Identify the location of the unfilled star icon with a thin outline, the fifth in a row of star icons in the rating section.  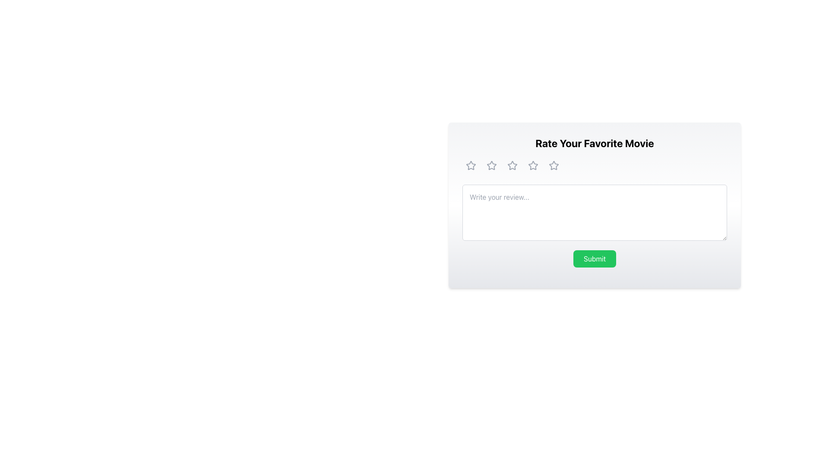
(554, 165).